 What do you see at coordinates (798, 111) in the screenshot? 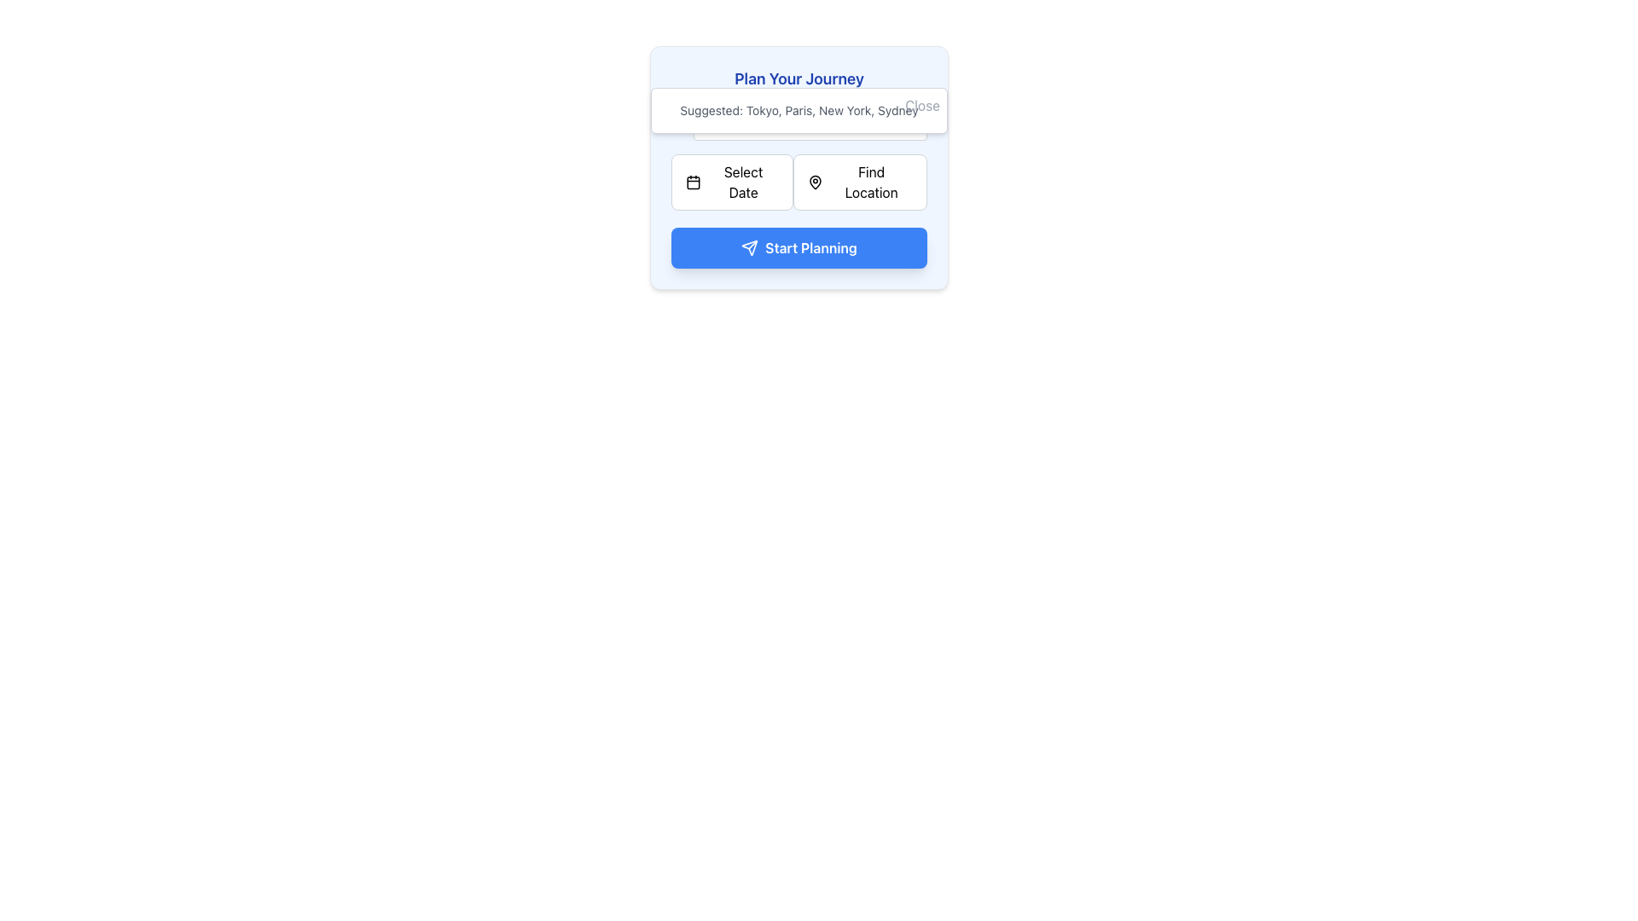
I see `the suggested names 'Tokyo', 'Paris', 'New York', or 'Sydney' in the informational panel located below the 'Plan Your Journey' heading` at bounding box center [798, 111].